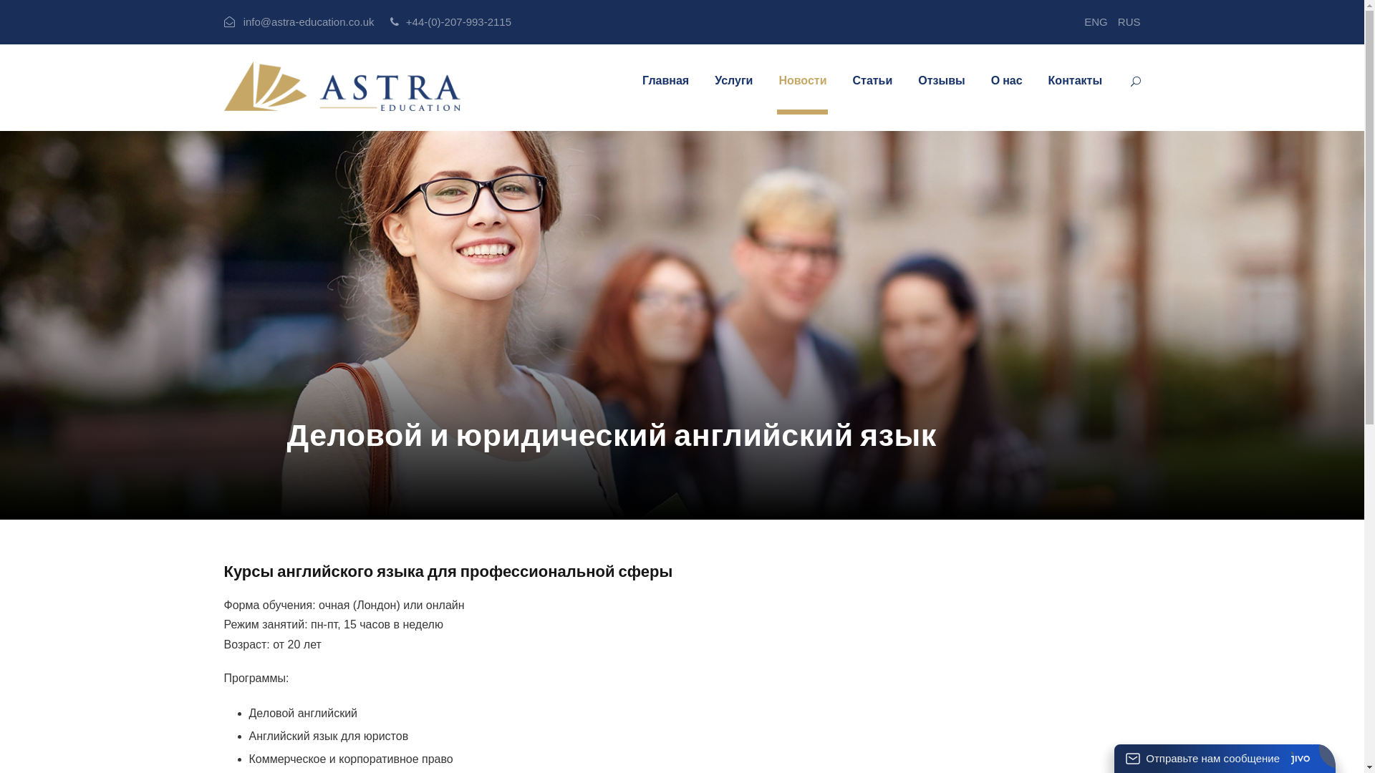 Image resolution: width=1375 pixels, height=773 pixels. I want to click on 'info@astra-education.co.uk', so click(308, 21).